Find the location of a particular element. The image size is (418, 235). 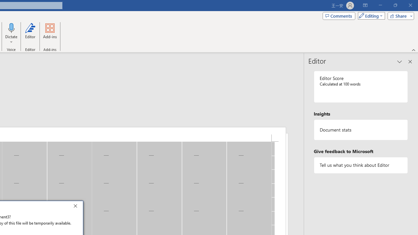

'Editor' is located at coordinates (30, 34).